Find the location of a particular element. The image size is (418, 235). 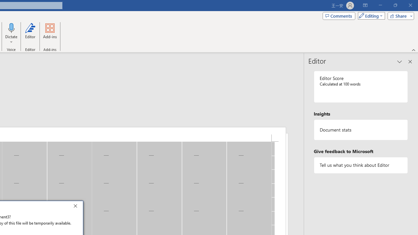

'Editor' is located at coordinates (30, 34).